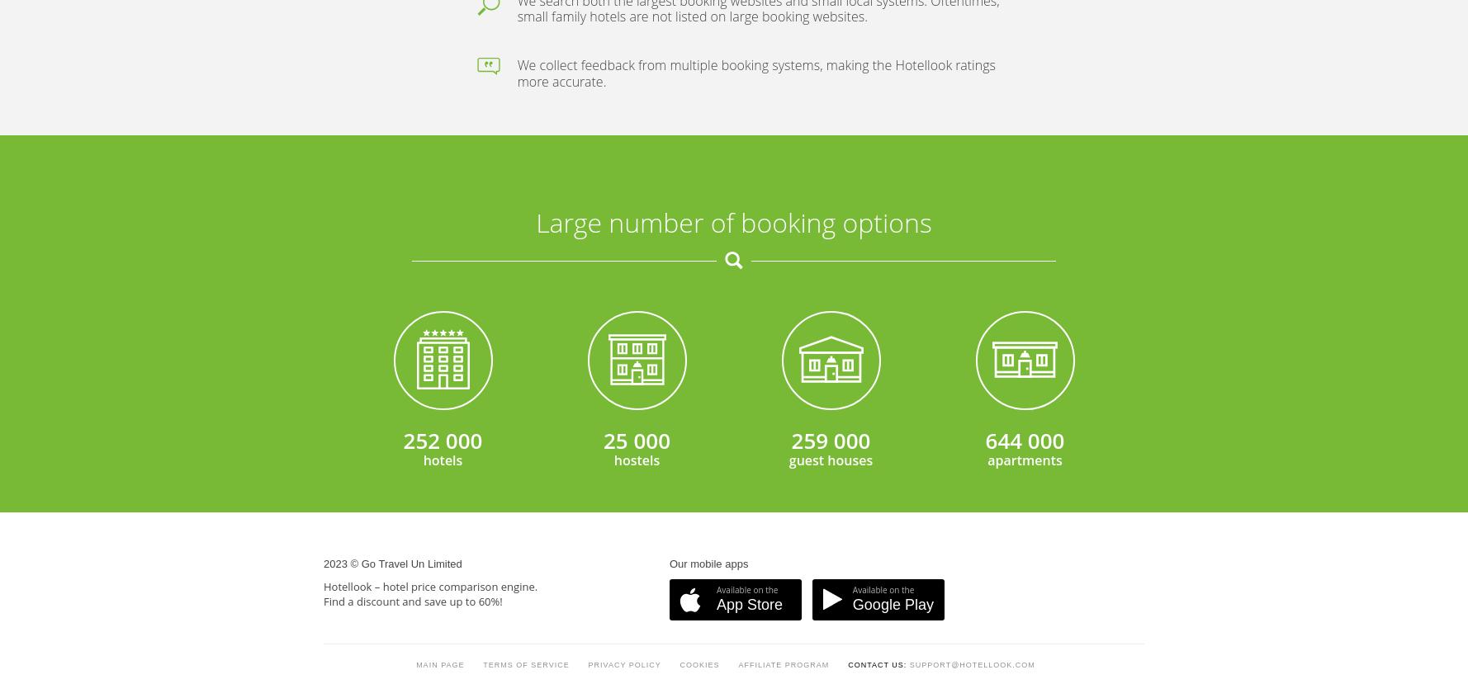 This screenshot has height=684, width=1468. Describe the element at coordinates (636, 56) in the screenshot. I see `'hostels'` at that location.